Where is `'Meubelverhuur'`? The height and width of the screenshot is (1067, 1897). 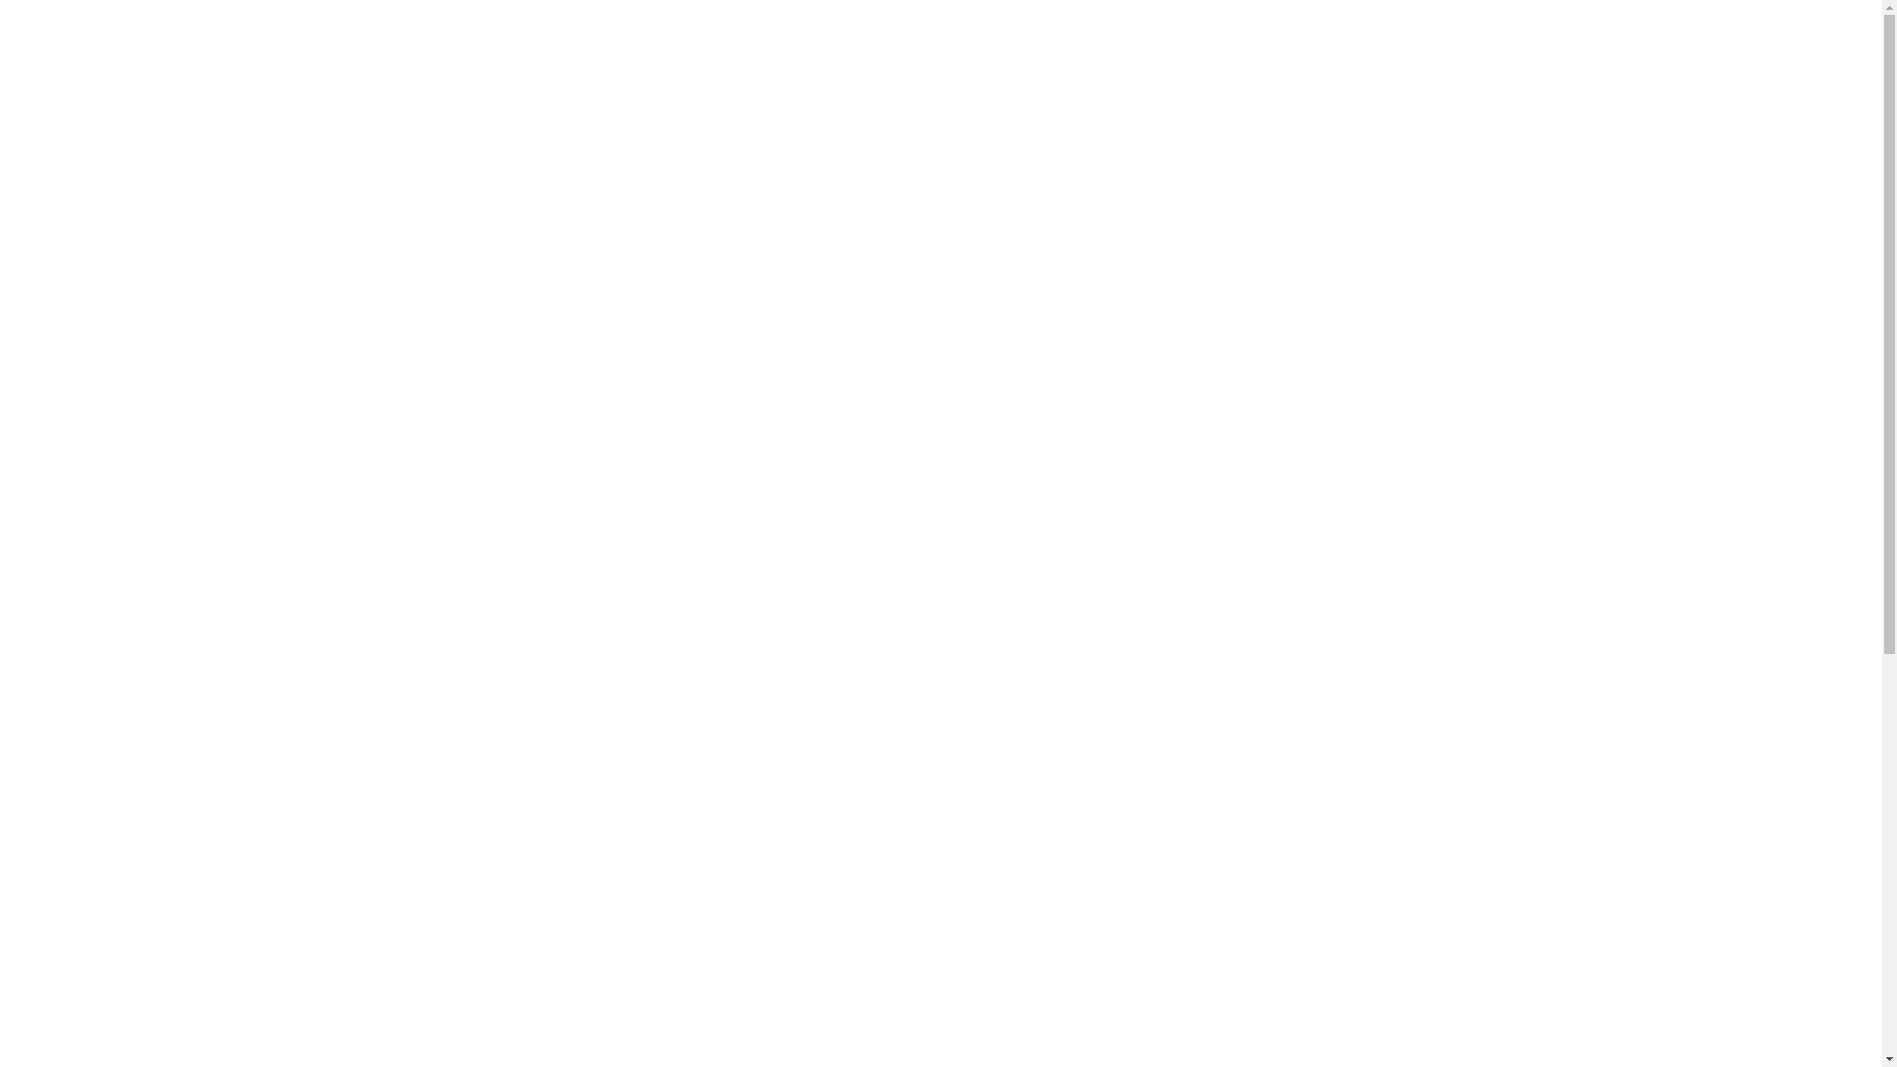 'Meubelverhuur' is located at coordinates (469, 52).